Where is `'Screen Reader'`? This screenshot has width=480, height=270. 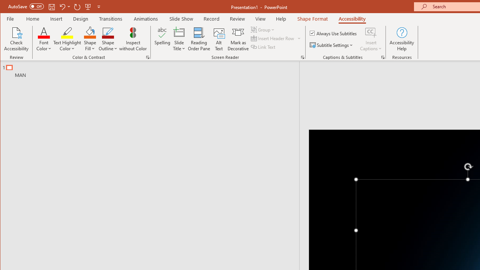
'Screen Reader' is located at coordinates (303, 57).